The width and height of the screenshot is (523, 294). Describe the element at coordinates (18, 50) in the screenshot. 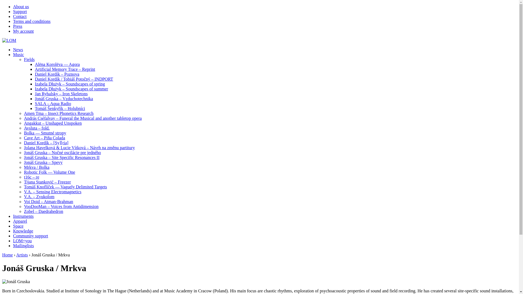

I see `'News'` at that location.